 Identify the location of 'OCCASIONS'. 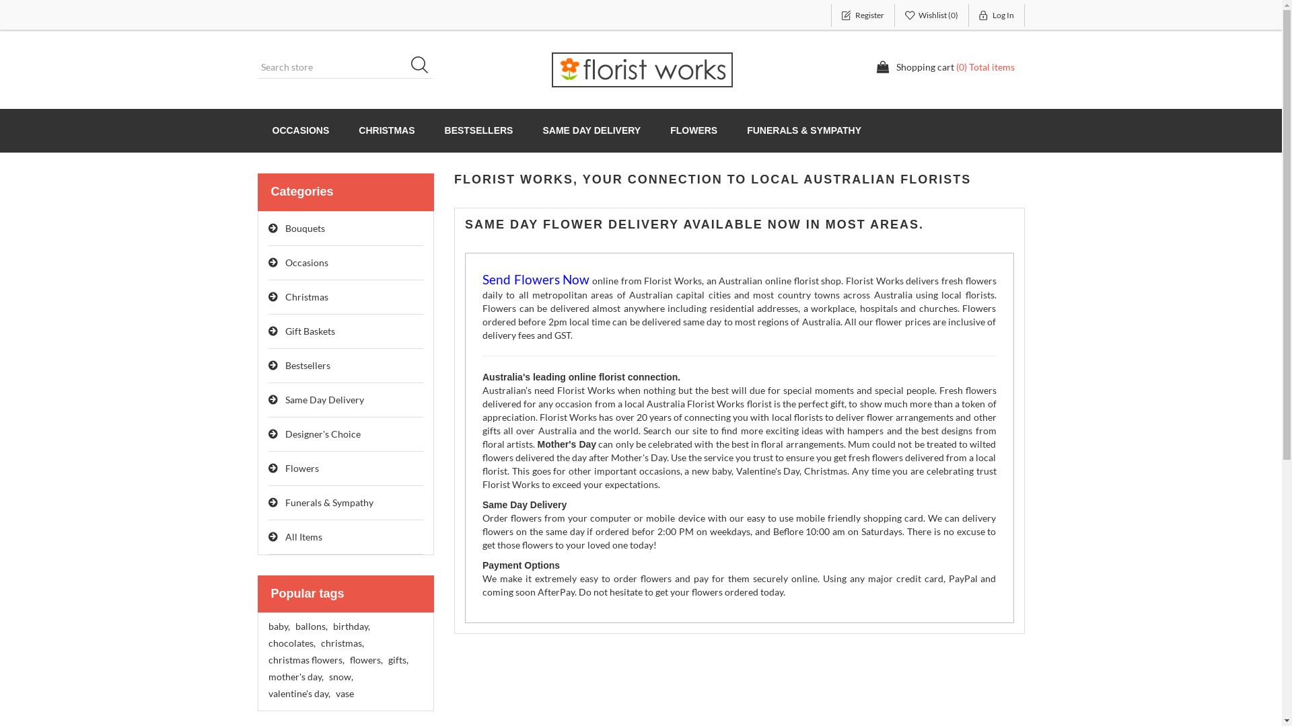
(257, 130).